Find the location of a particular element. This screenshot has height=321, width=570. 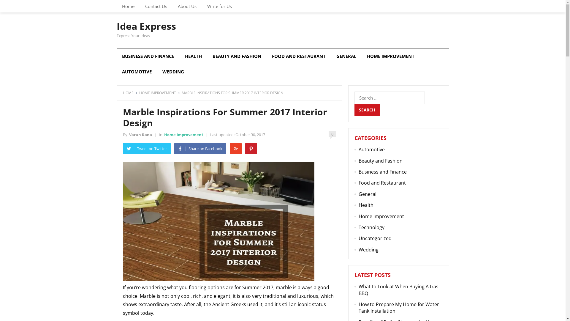

'WEDDING' is located at coordinates (172, 71).